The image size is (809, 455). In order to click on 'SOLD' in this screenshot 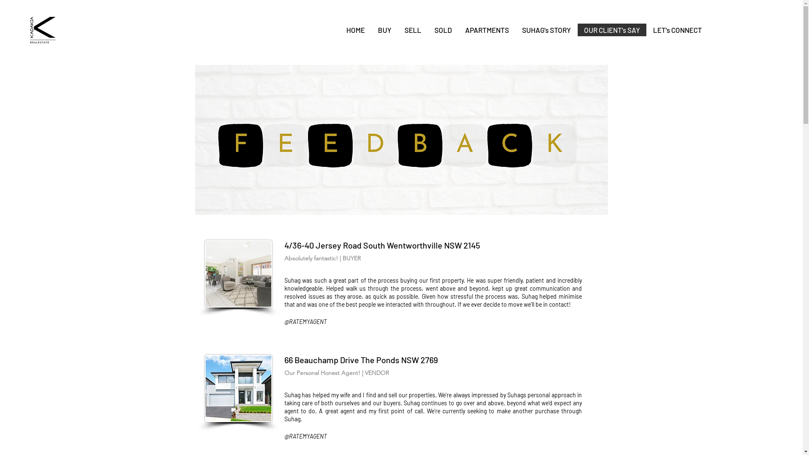, I will do `click(442, 29)`.